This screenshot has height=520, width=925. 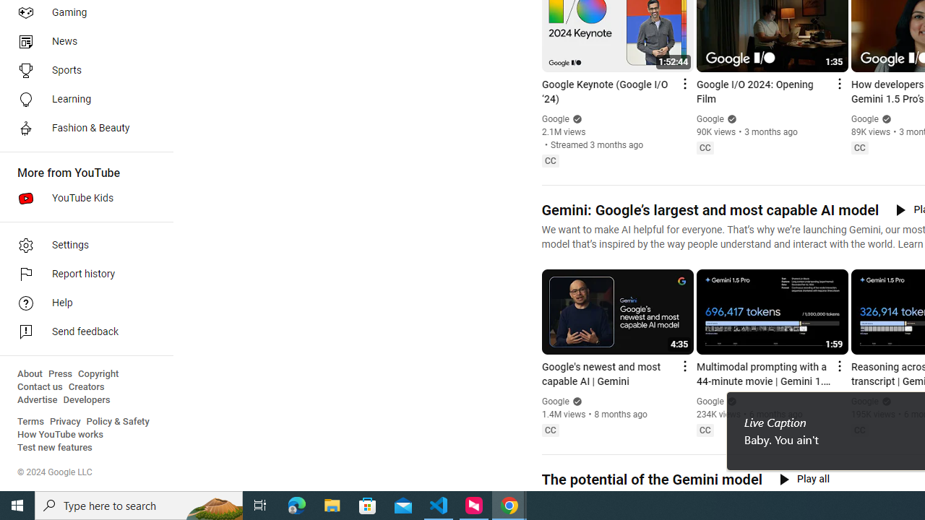 I want to click on 'Copyright', so click(x=98, y=373).